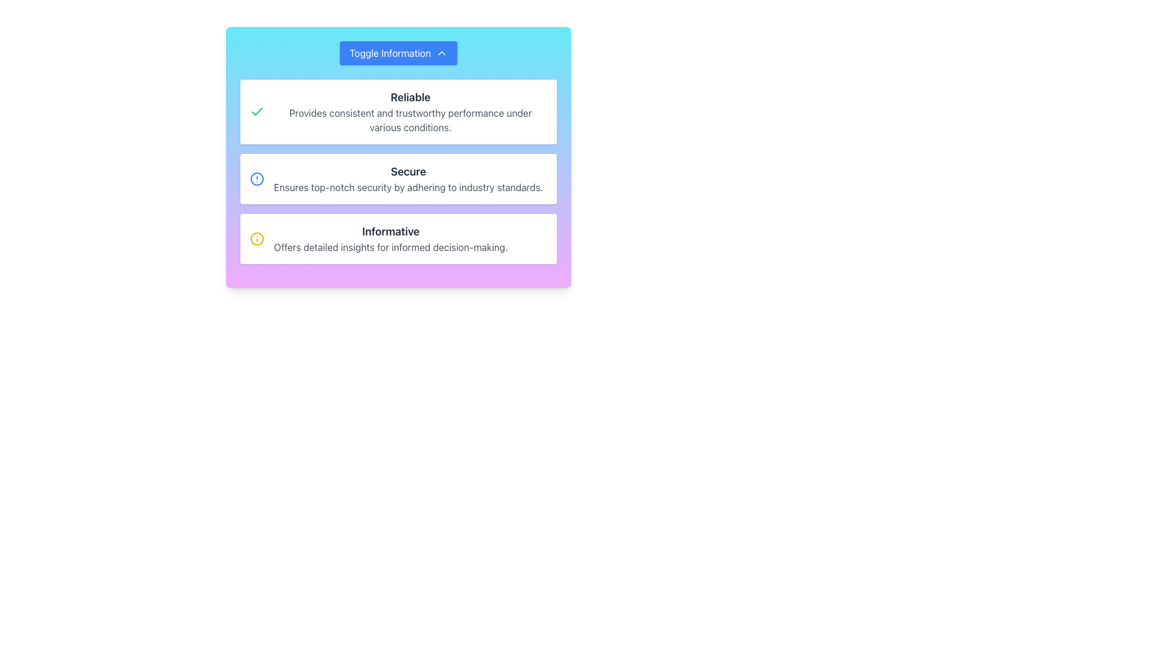 Image resolution: width=1151 pixels, height=647 pixels. Describe the element at coordinates (411, 111) in the screenshot. I see `text from the Text block with the heading 'Reliable' and description 'Provides consistent and trustworthy performance under various conditions.' which is located at the top of the vertically stacked sections` at that location.